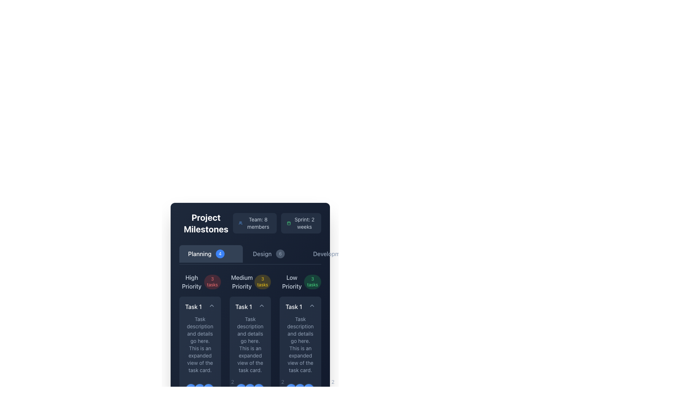 This screenshot has height=394, width=700. I want to click on the first tab button labeled 'Planning' in the 'Project Milestones' interface to change its appearance or show more information, so click(210, 253).